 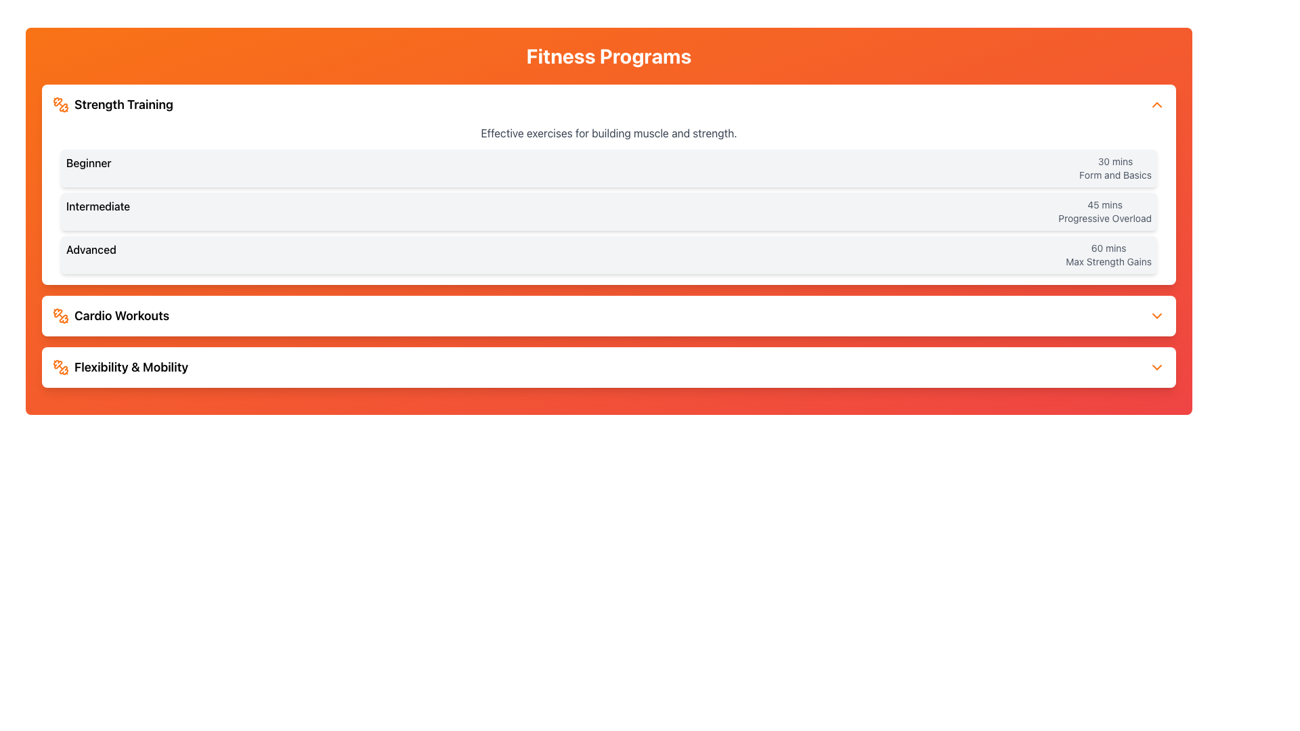 What do you see at coordinates (608, 56) in the screenshot?
I see `the Text header that indicates the theme of the section containing detailed segments of fitness programs, which is centrally aligned within the orange-red background` at bounding box center [608, 56].